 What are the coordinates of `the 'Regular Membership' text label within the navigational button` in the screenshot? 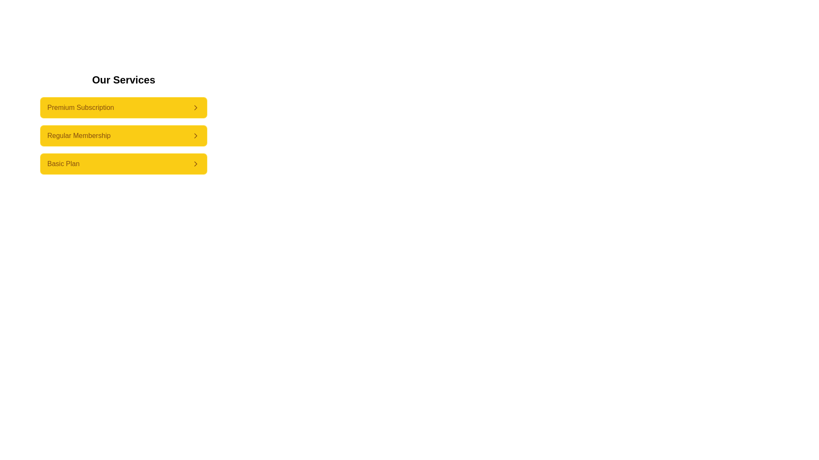 It's located at (79, 135).